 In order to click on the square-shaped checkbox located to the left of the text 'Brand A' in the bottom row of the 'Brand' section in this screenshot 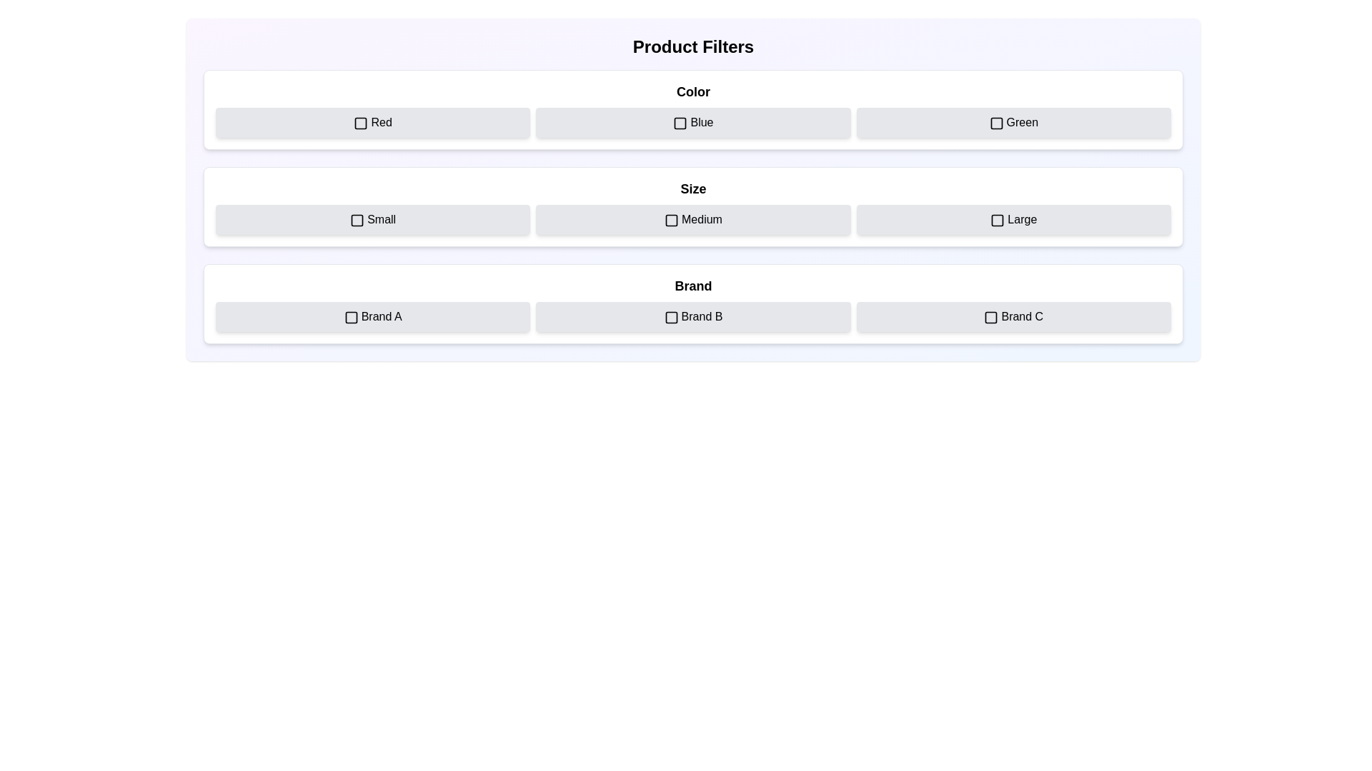, I will do `click(351, 316)`.